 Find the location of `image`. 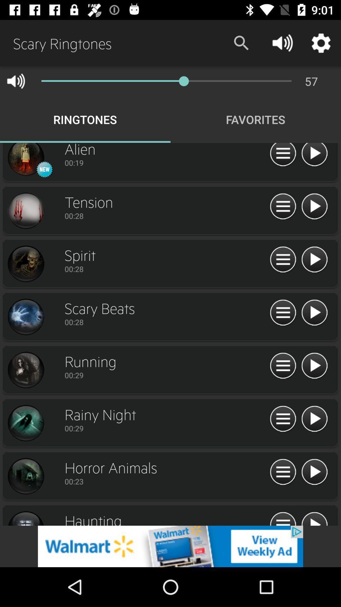

image is located at coordinates (25, 370).